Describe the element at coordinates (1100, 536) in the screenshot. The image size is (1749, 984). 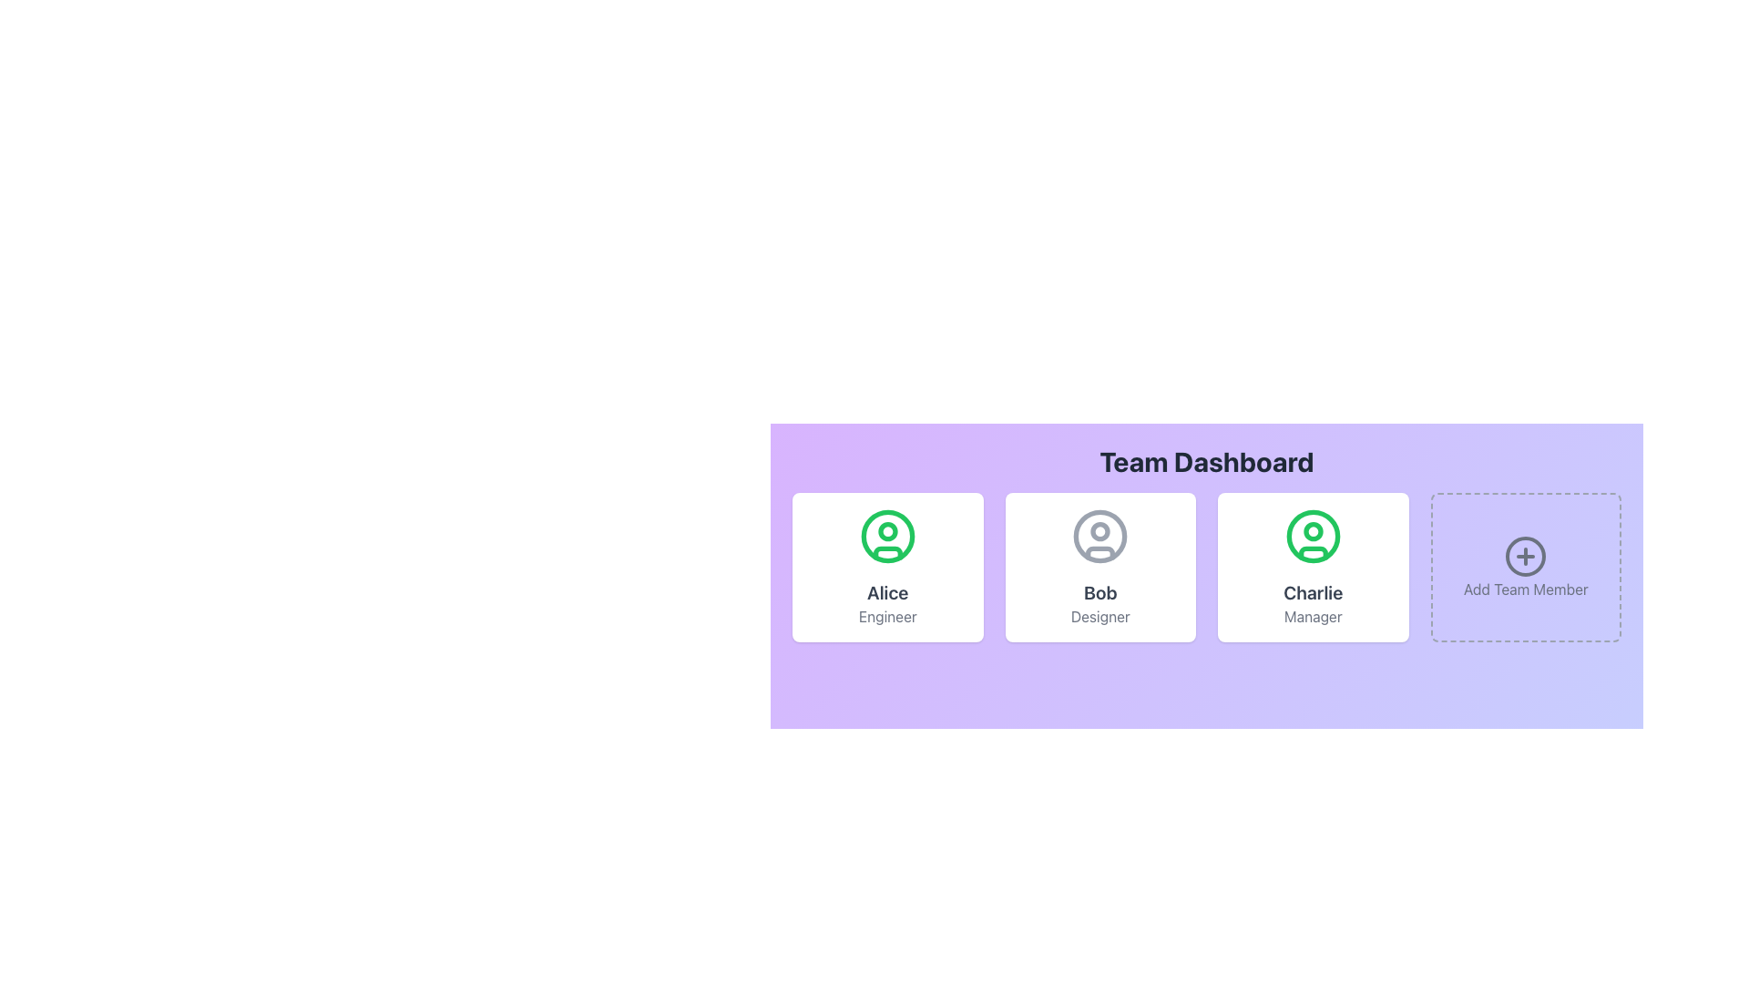
I see `the circular icon representing the avatar or profile placeholder of the team member 'Bob Designer' in the second team member card of the Team Dashboard` at that location.